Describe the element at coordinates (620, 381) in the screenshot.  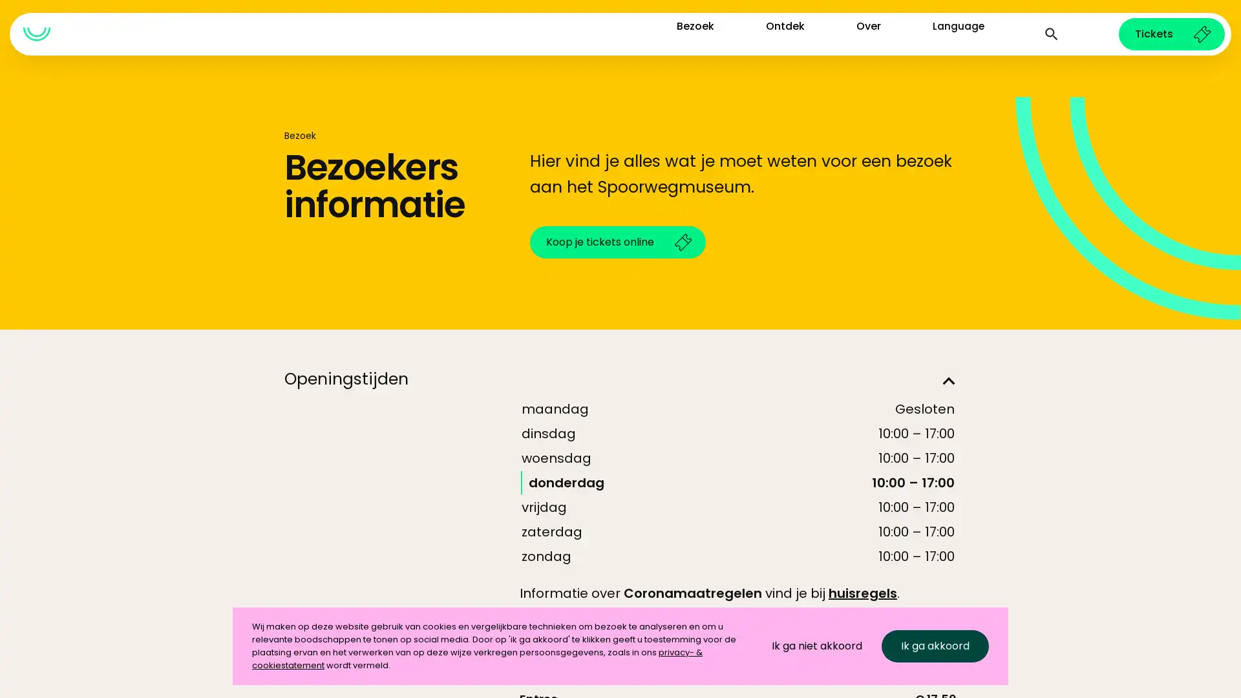
I see `Openingstijden` at that location.